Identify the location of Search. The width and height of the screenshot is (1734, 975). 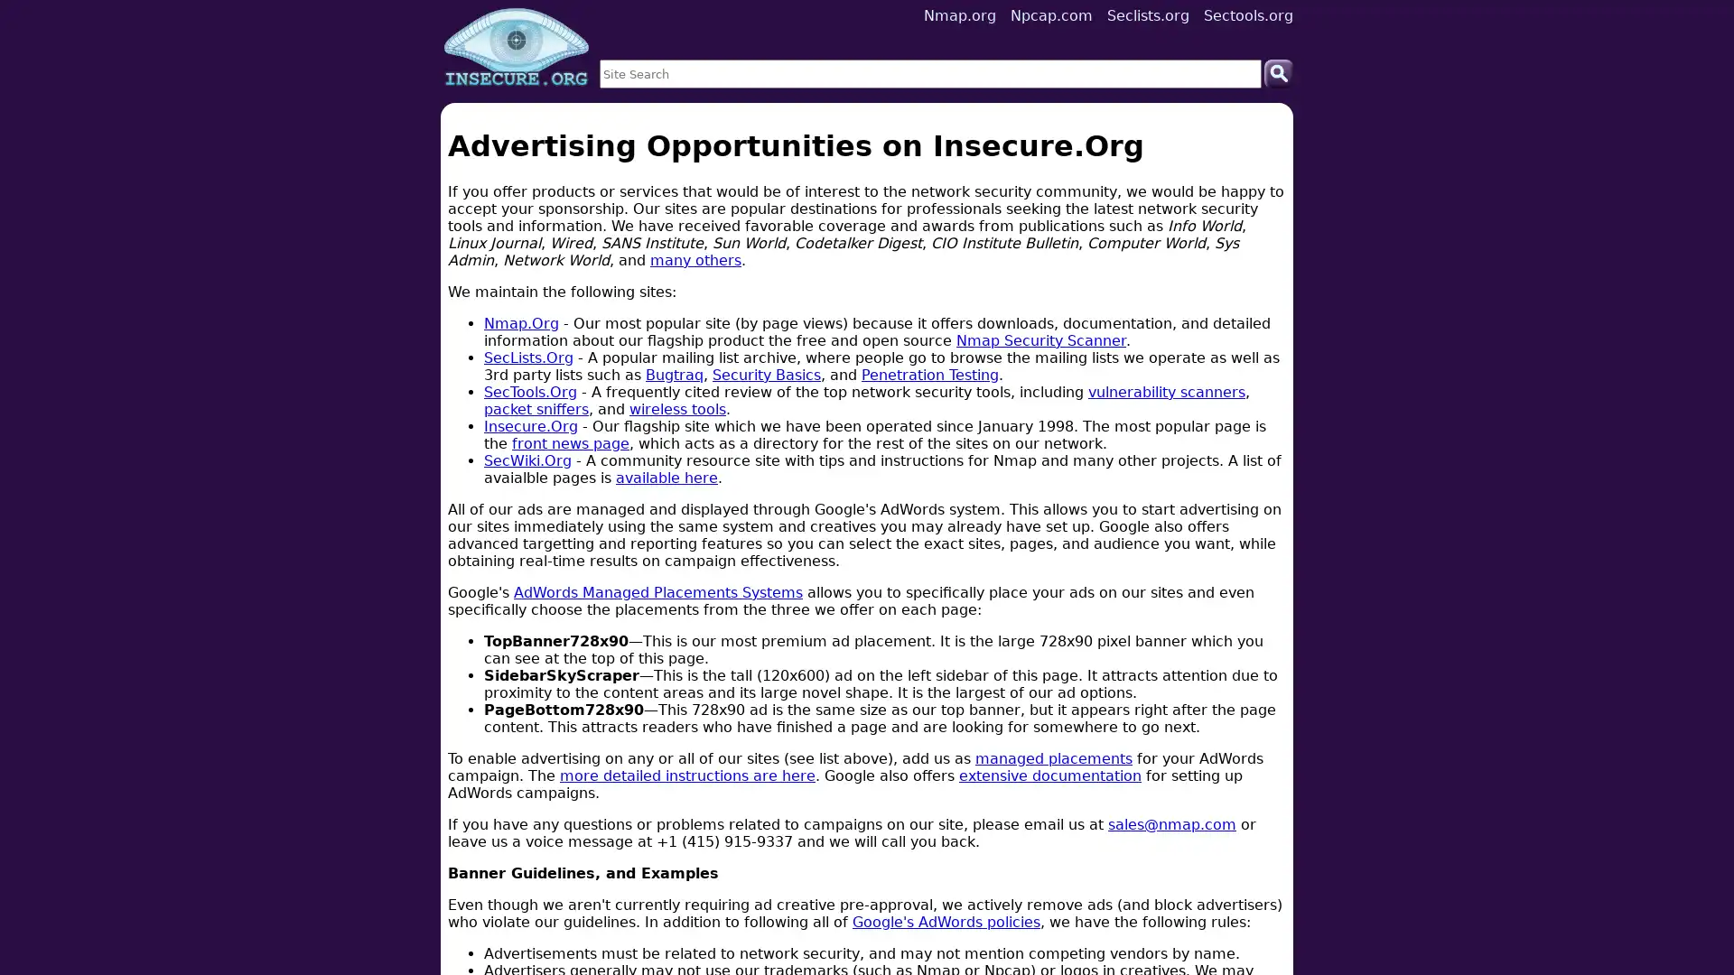
(1278, 72).